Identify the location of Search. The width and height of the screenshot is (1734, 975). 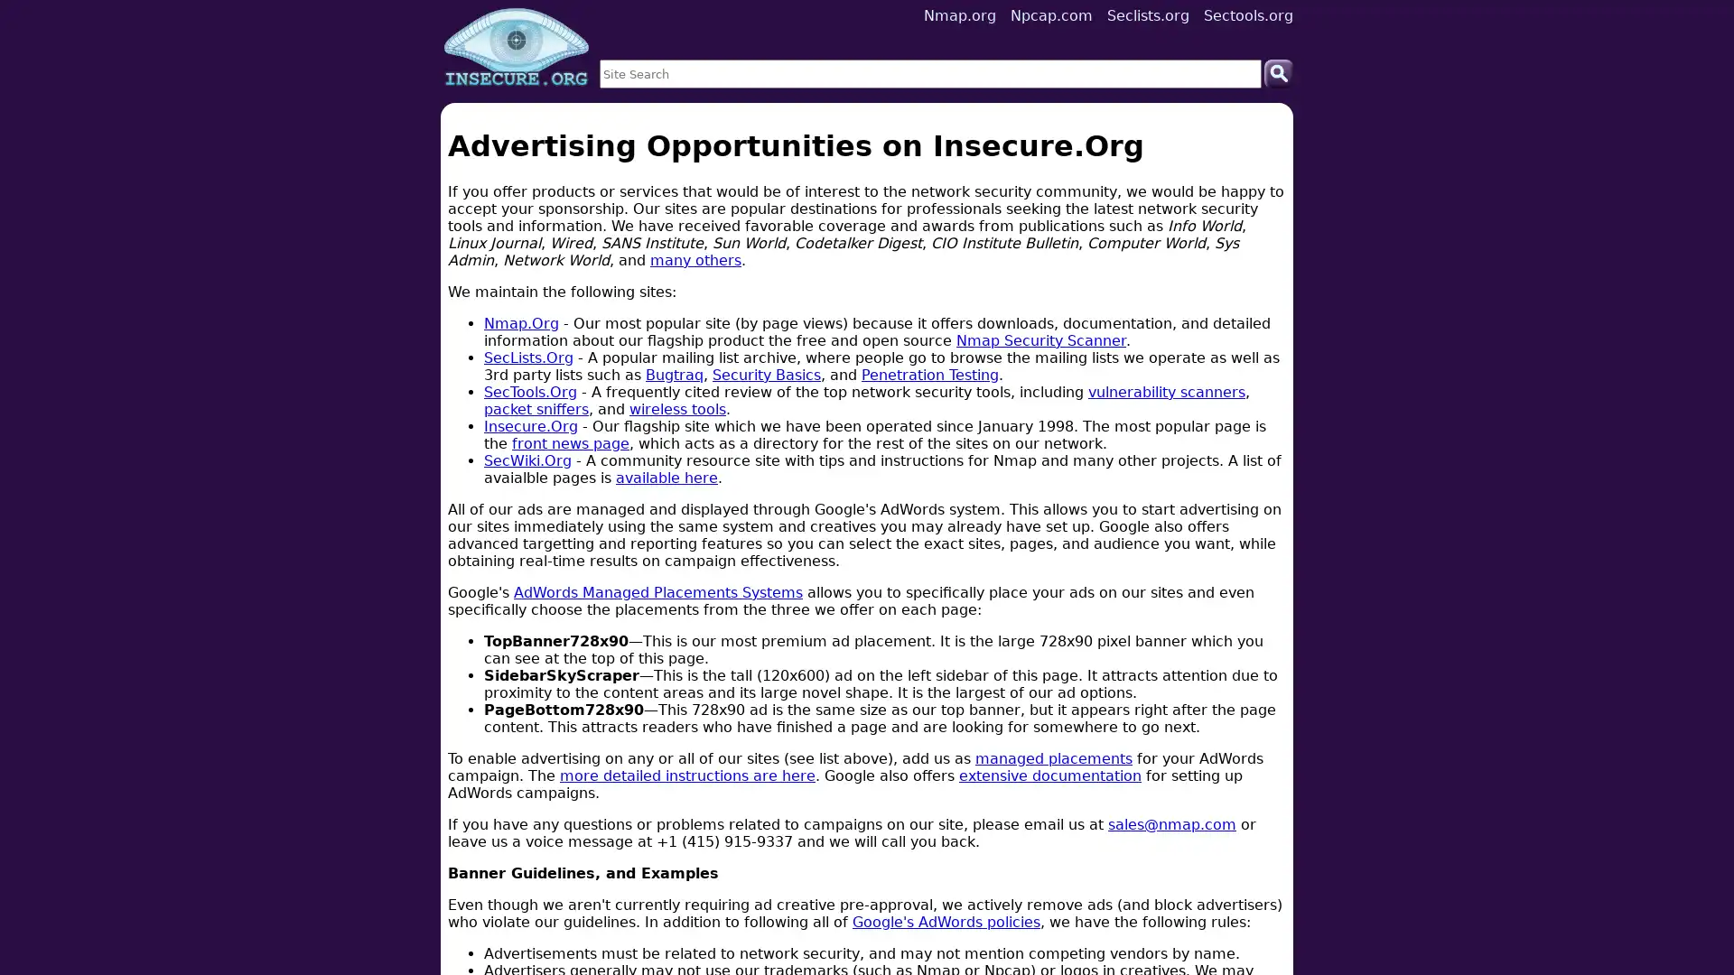
(1278, 72).